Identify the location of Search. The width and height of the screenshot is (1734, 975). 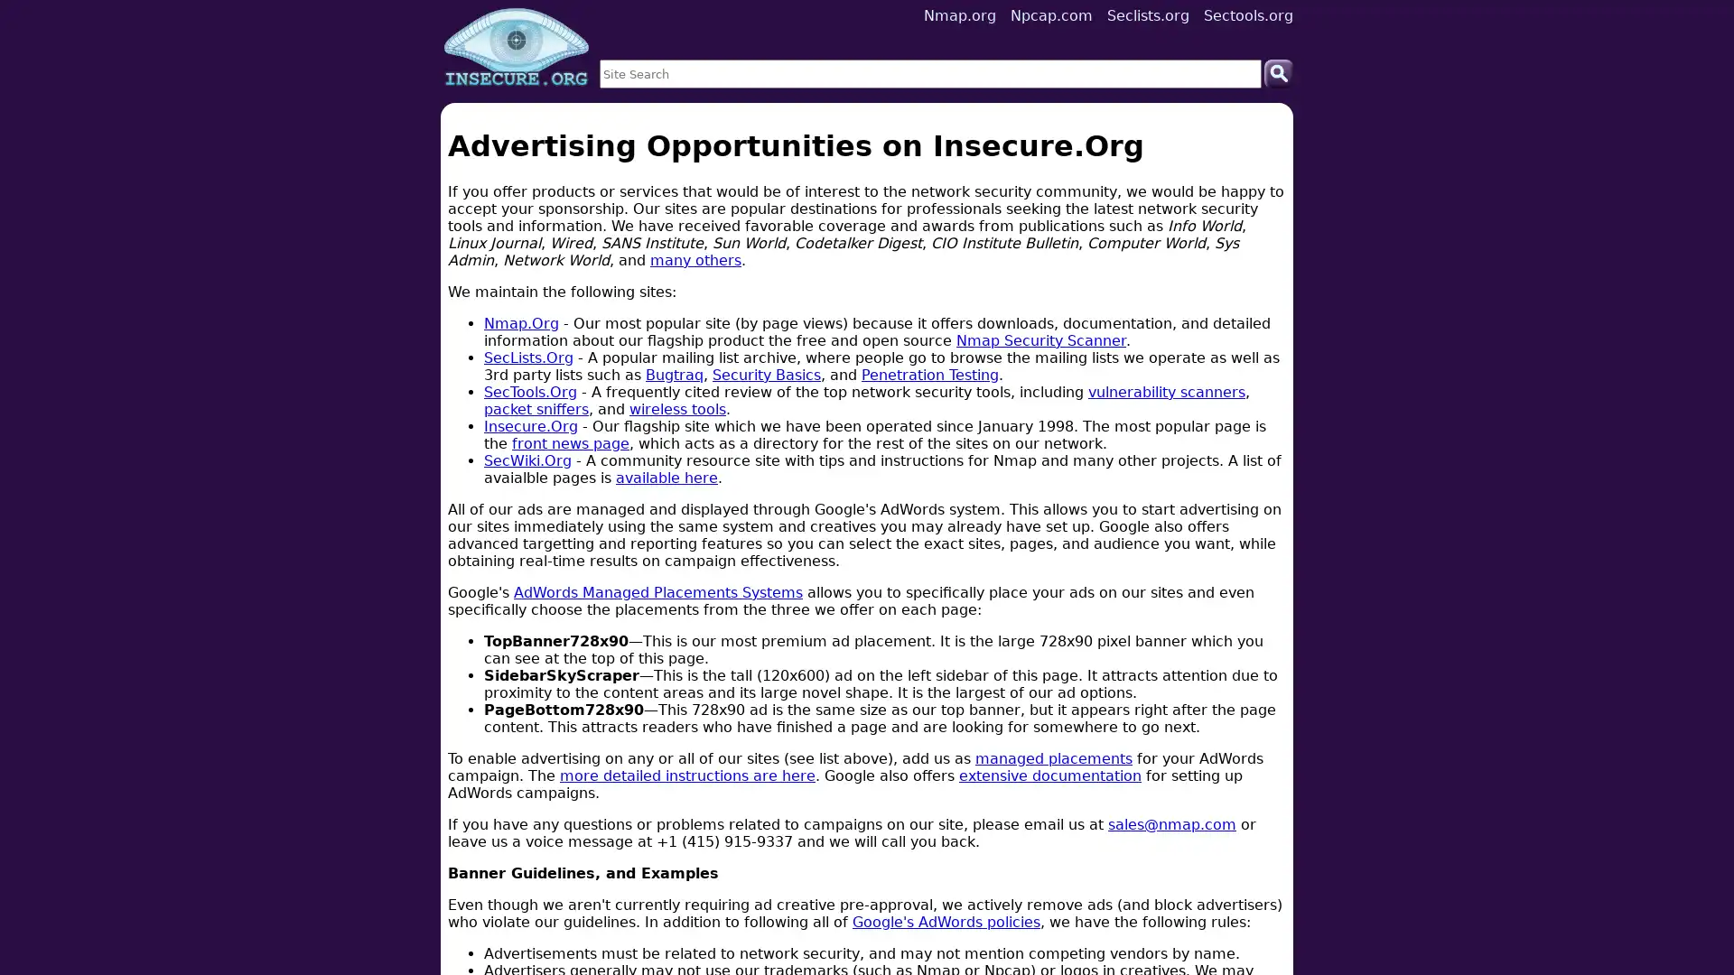
(1278, 72).